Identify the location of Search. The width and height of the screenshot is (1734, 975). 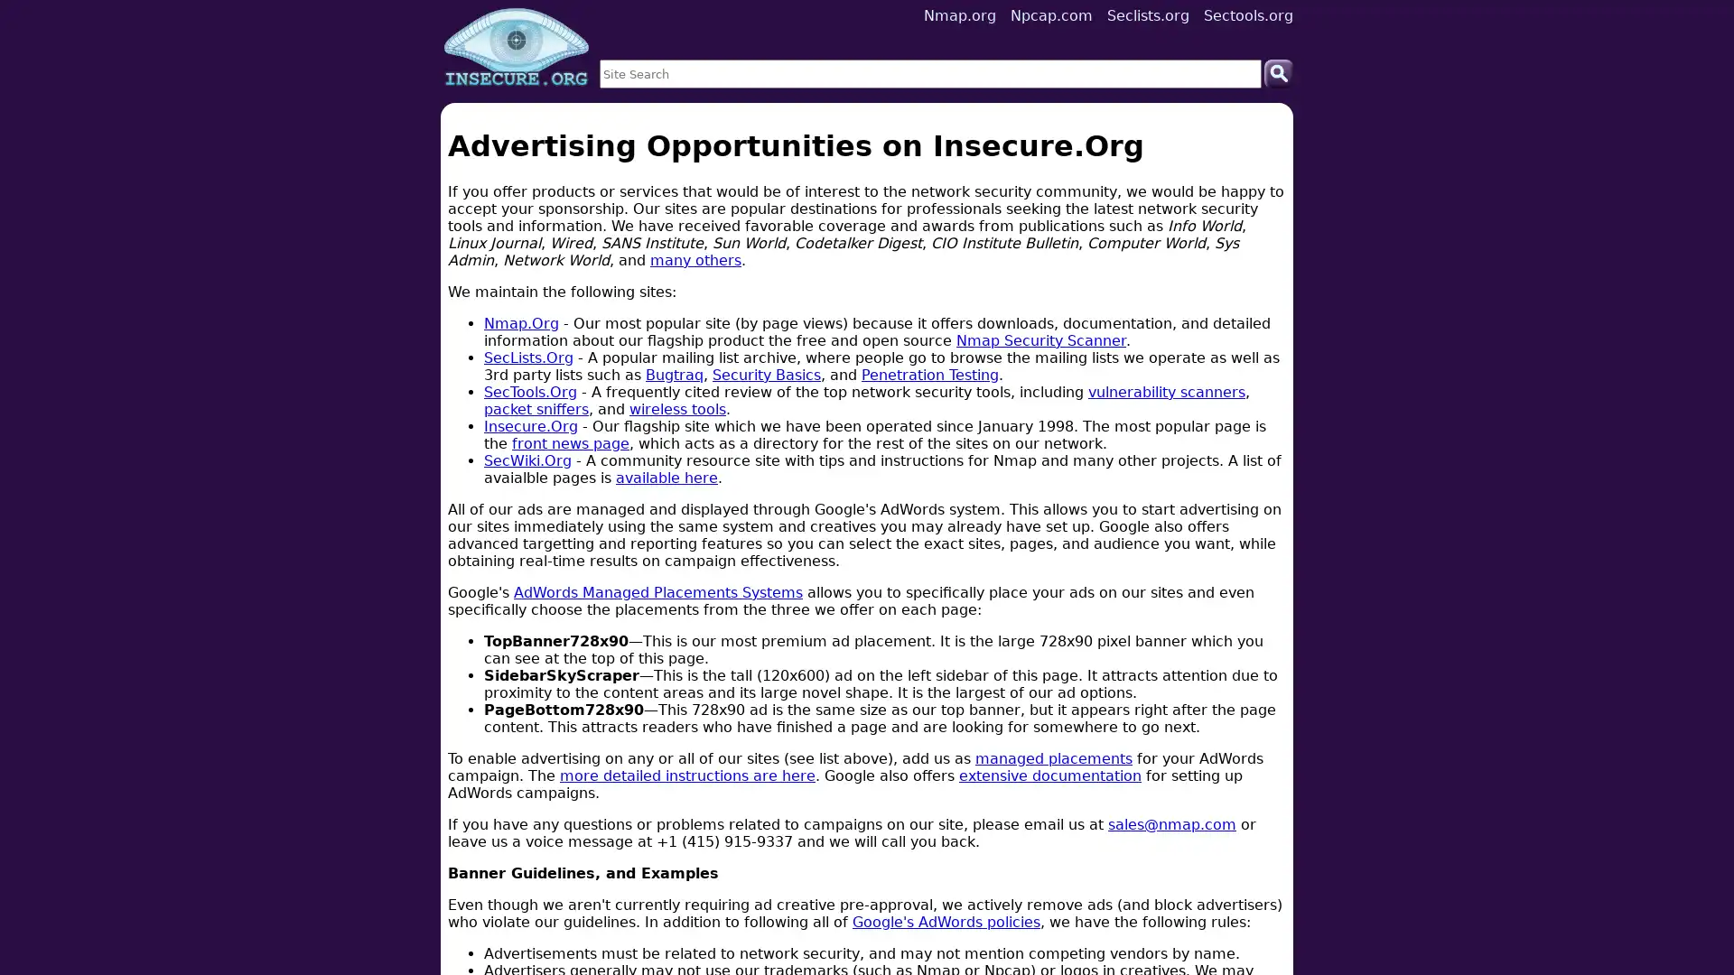
(1278, 72).